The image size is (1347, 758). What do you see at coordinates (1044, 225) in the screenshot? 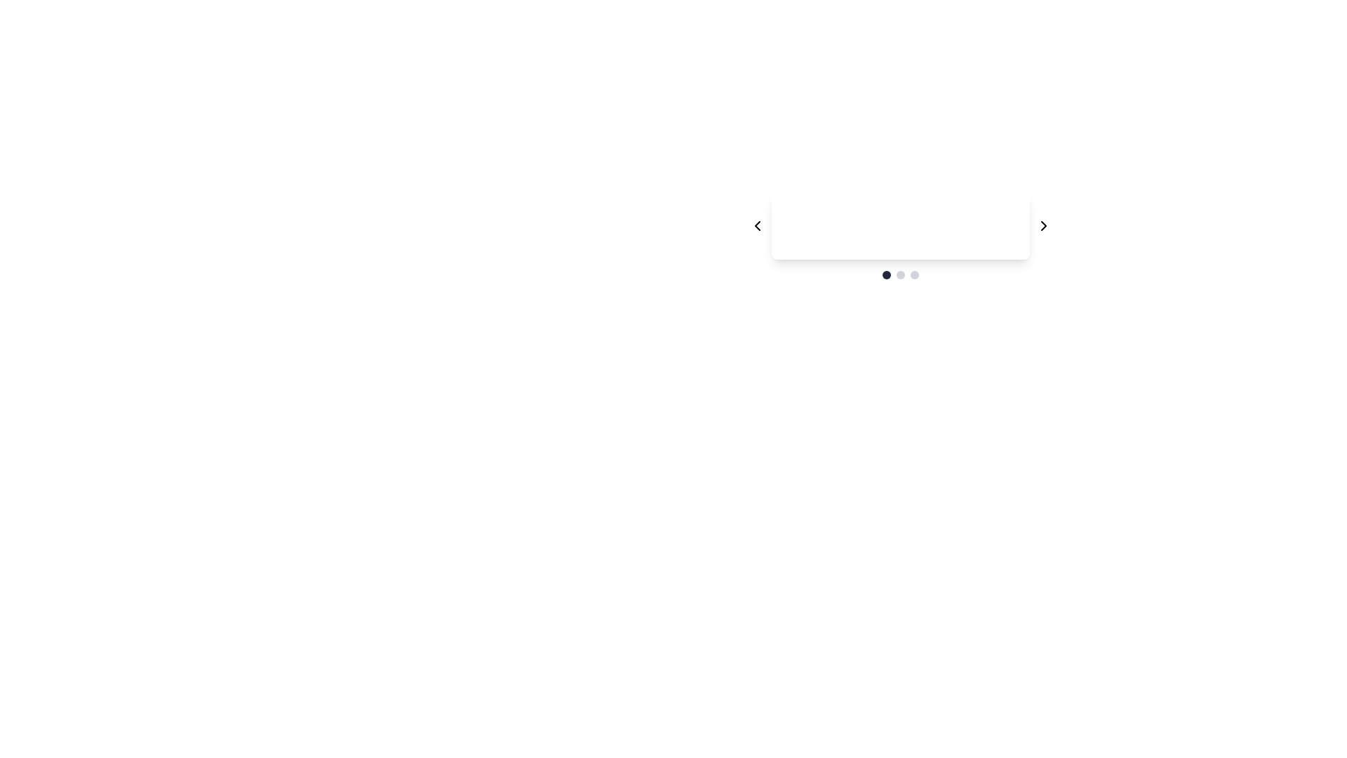
I see `the small button with a rightward chevron icon located at the far-right side of the card component` at bounding box center [1044, 225].